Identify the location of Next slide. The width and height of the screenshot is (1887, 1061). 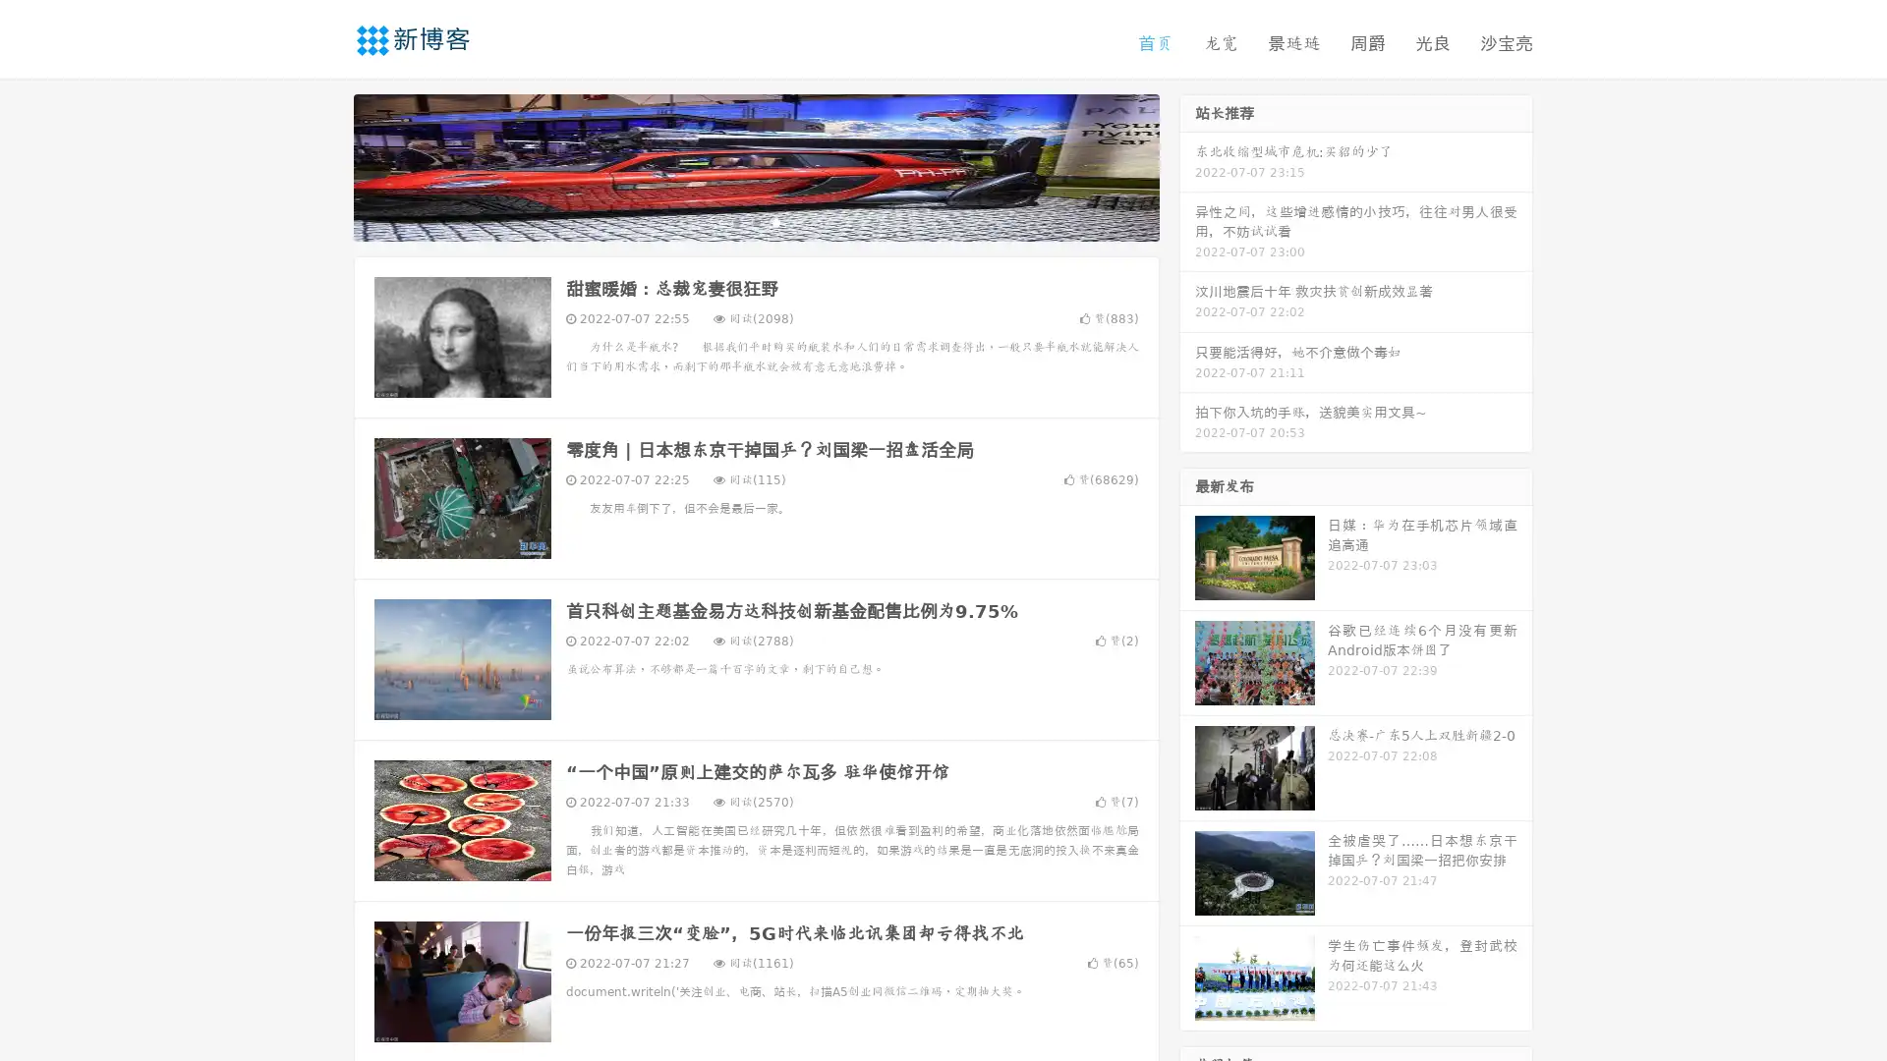
(1187, 165).